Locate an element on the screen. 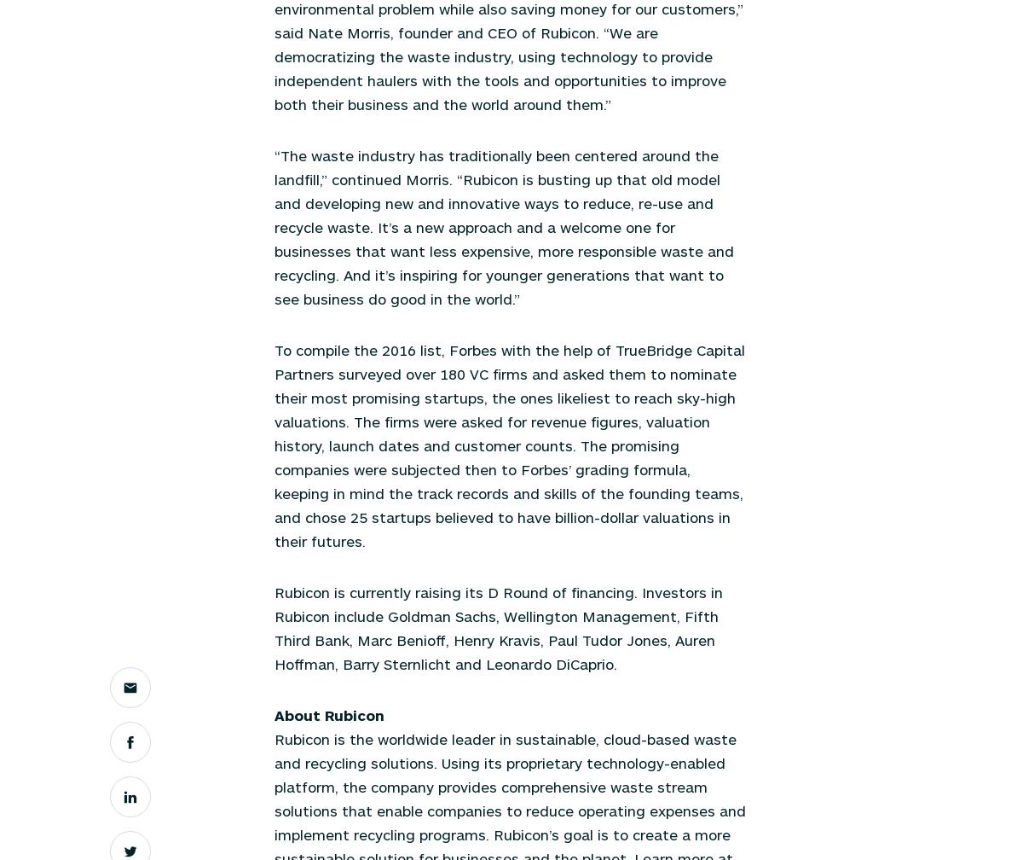 The width and height of the screenshot is (1023, 860). 'Property Management' is located at coordinates (338, 169).